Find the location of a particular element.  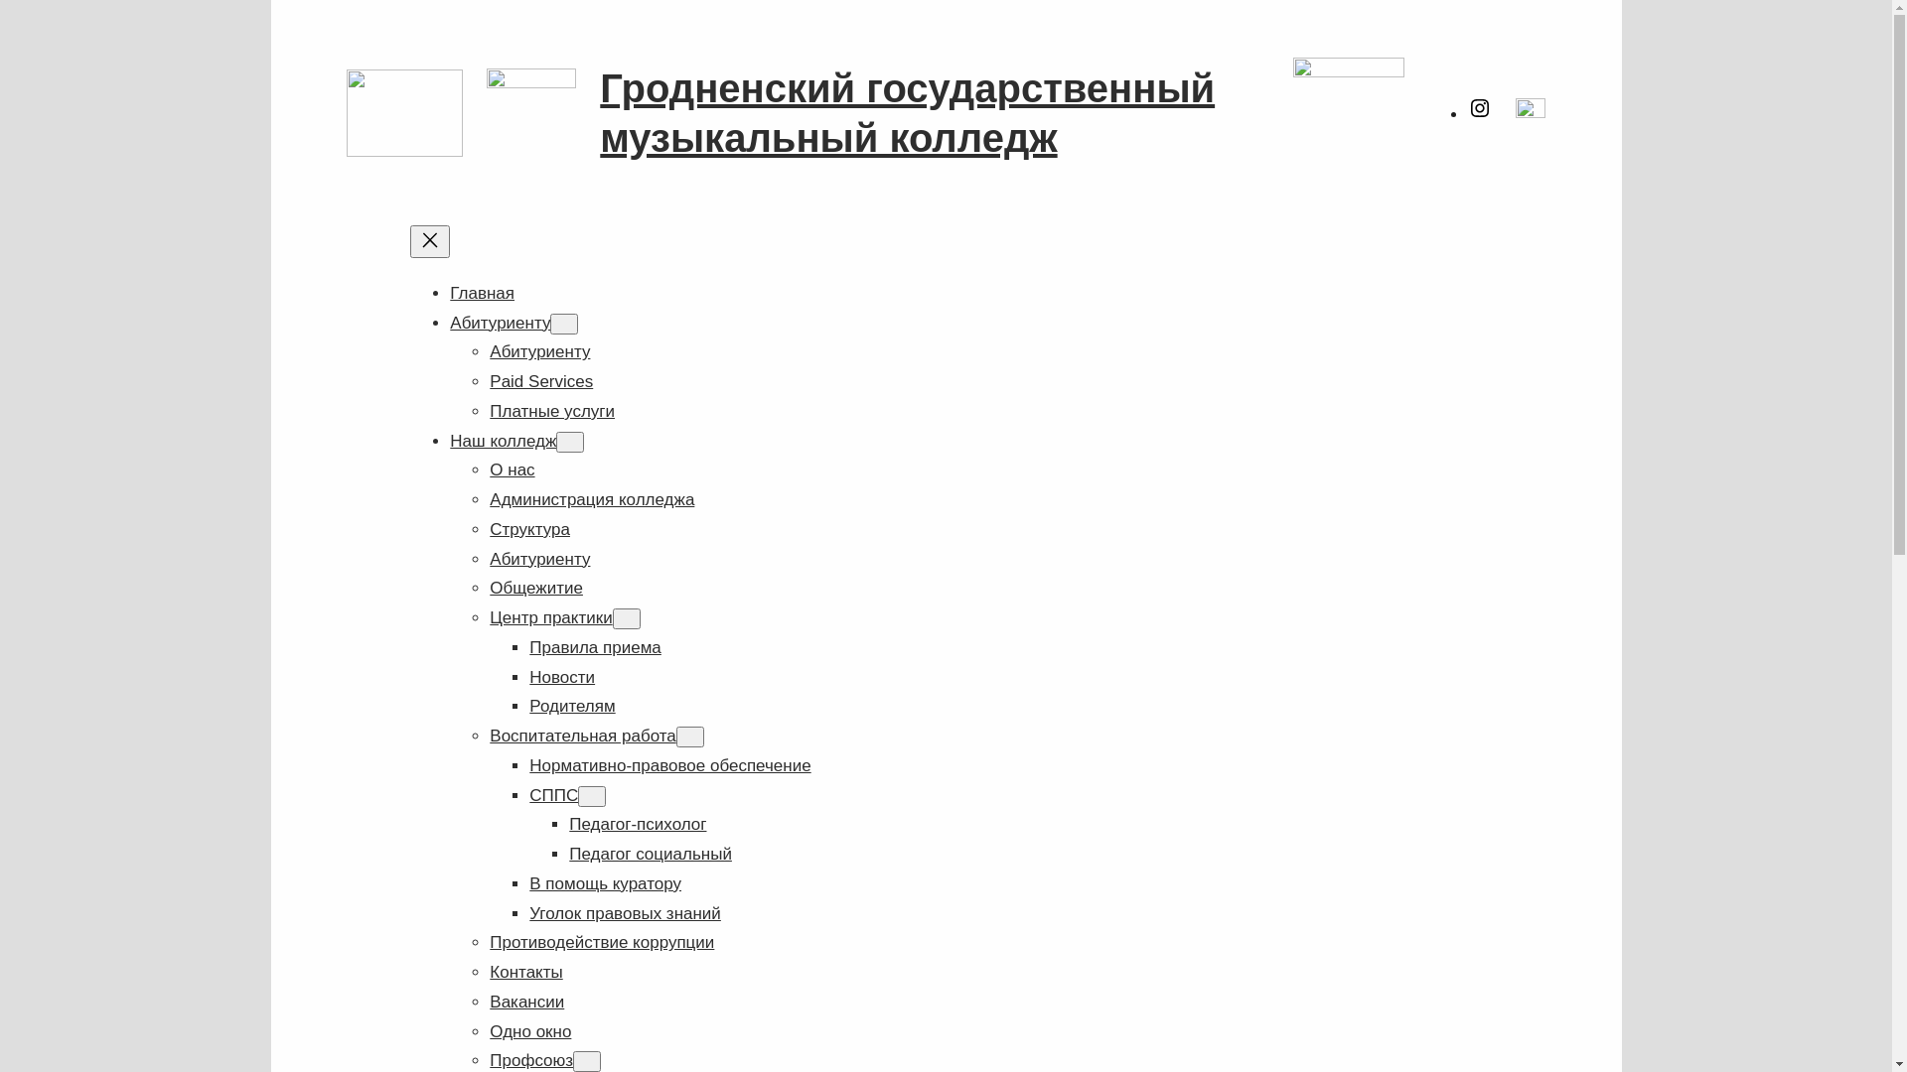

'Paid Services' is located at coordinates (541, 381).